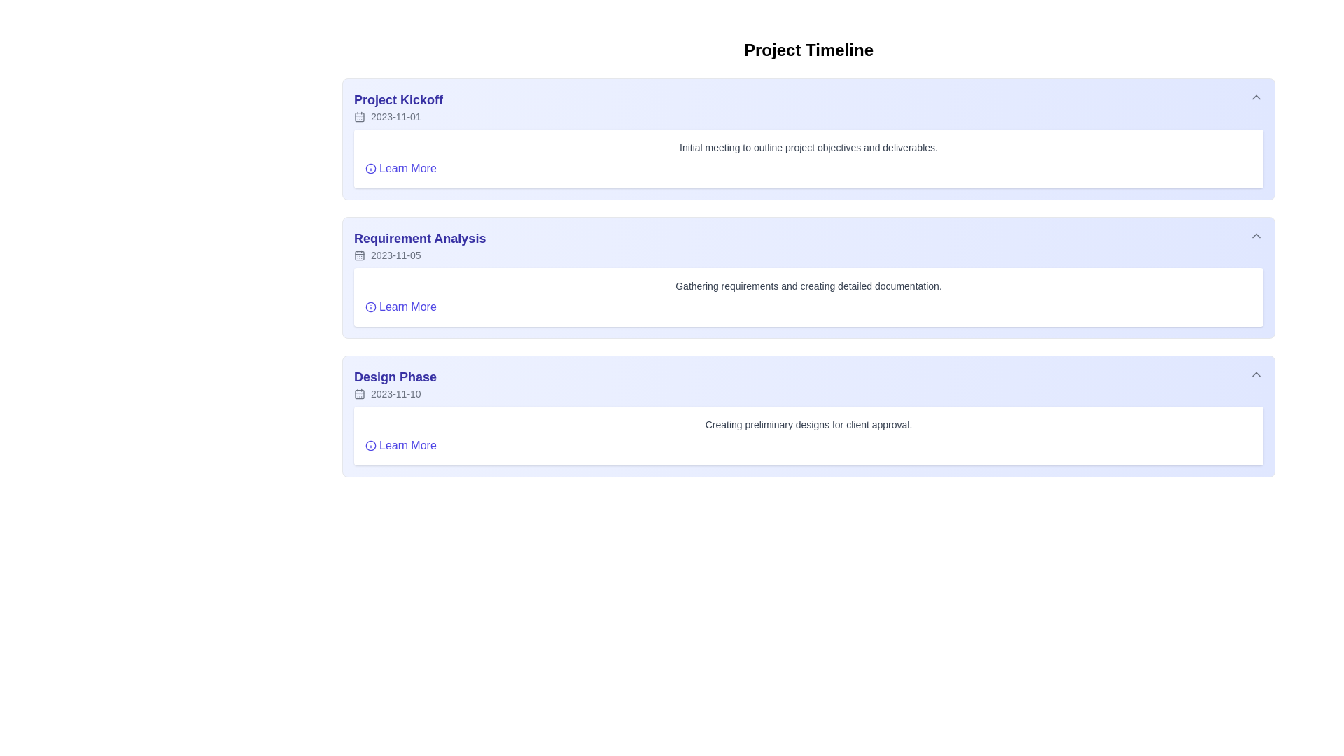 The height and width of the screenshot is (756, 1344). Describe the element at coordinates (395, 384) in the screenshot. I see `text content of the label displaying 'Design Phase' in bold indigo font and the date '2023-11-10' in smaller gray text, located in the third section of a vertical list` at that location.